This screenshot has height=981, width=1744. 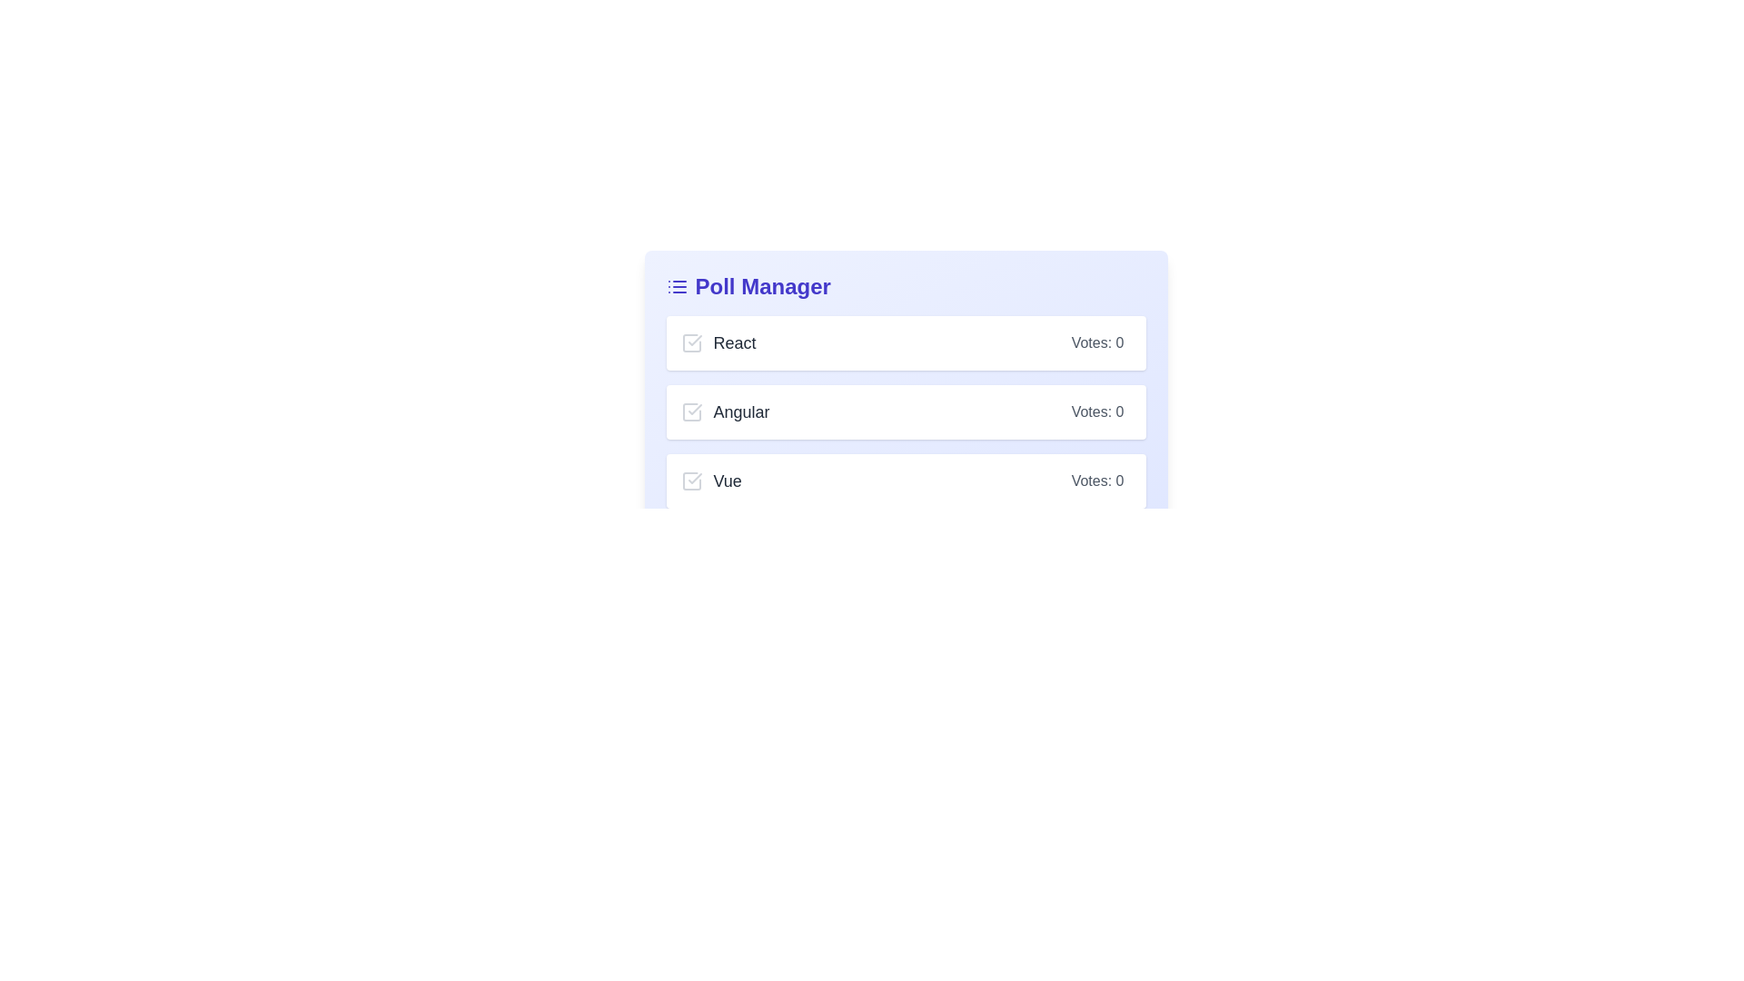 I want to click on the Checkbox or checkmark icon for the 'Vue' option in the Poll Manager, so click(x=690, y=480).